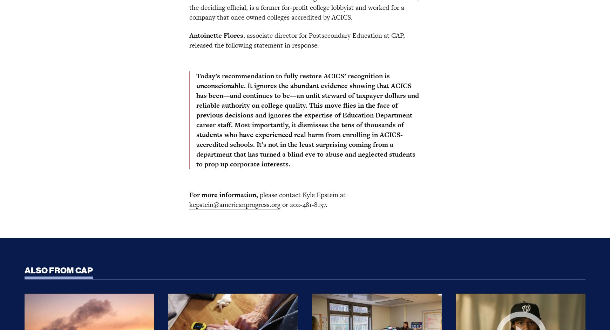 This screenshot has height=330, width=610. What do you see at coordinates (494, 142) in the screenshot?
I see `'Chandler Hall'` at bounding box center [494, 142].